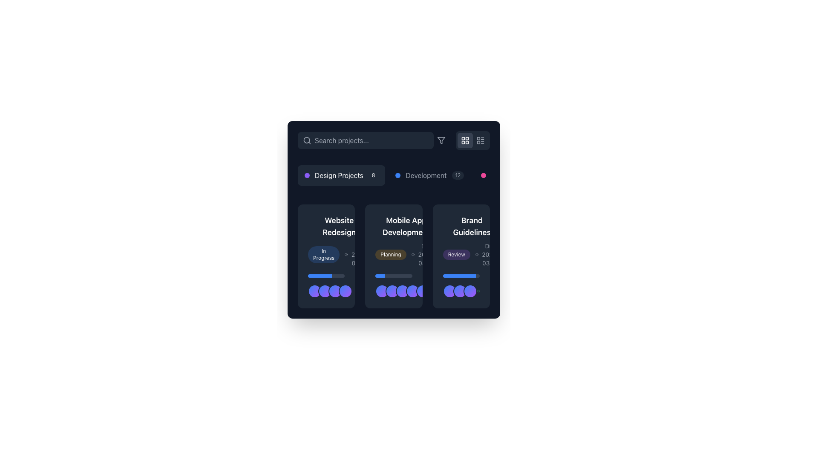 Image resolution: width=818 pixels, height=460 pixels. What do you see at coordinates (459, 290) in the screenshot?
I see `the clustered grouping of decorative icons or avatars located in the lower section of the 'Brand Guidelines' card` at bounding box center [459, 290].